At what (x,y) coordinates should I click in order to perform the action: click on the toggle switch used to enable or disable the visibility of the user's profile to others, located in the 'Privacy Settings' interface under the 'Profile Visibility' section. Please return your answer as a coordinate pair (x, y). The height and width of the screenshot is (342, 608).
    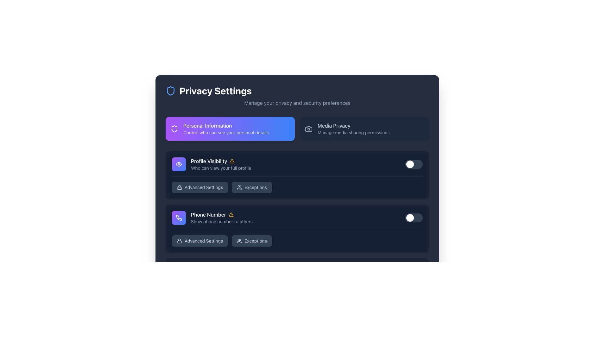
    Looking at the image, I should click on (414, 164).